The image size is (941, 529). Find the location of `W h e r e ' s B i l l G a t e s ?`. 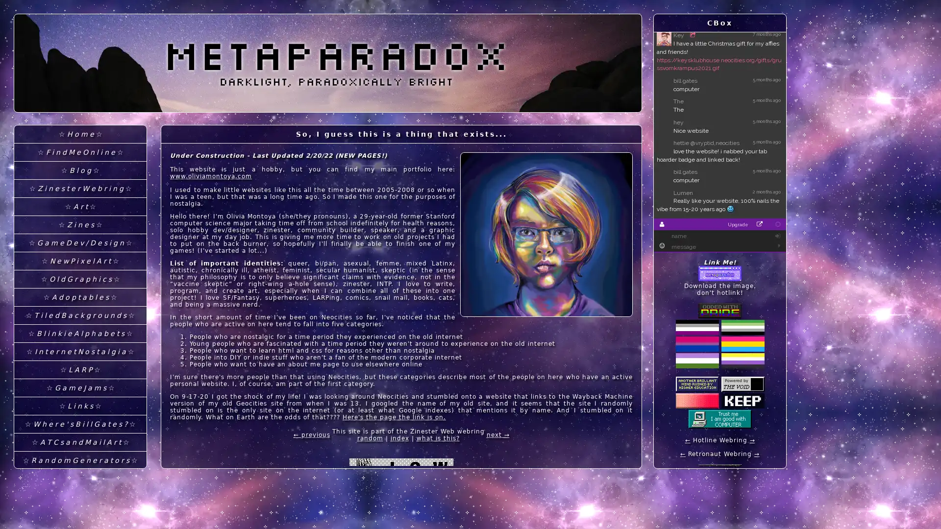

W h e r e ' s B i l l G a t e s ? is located at coordinates (80, 424).